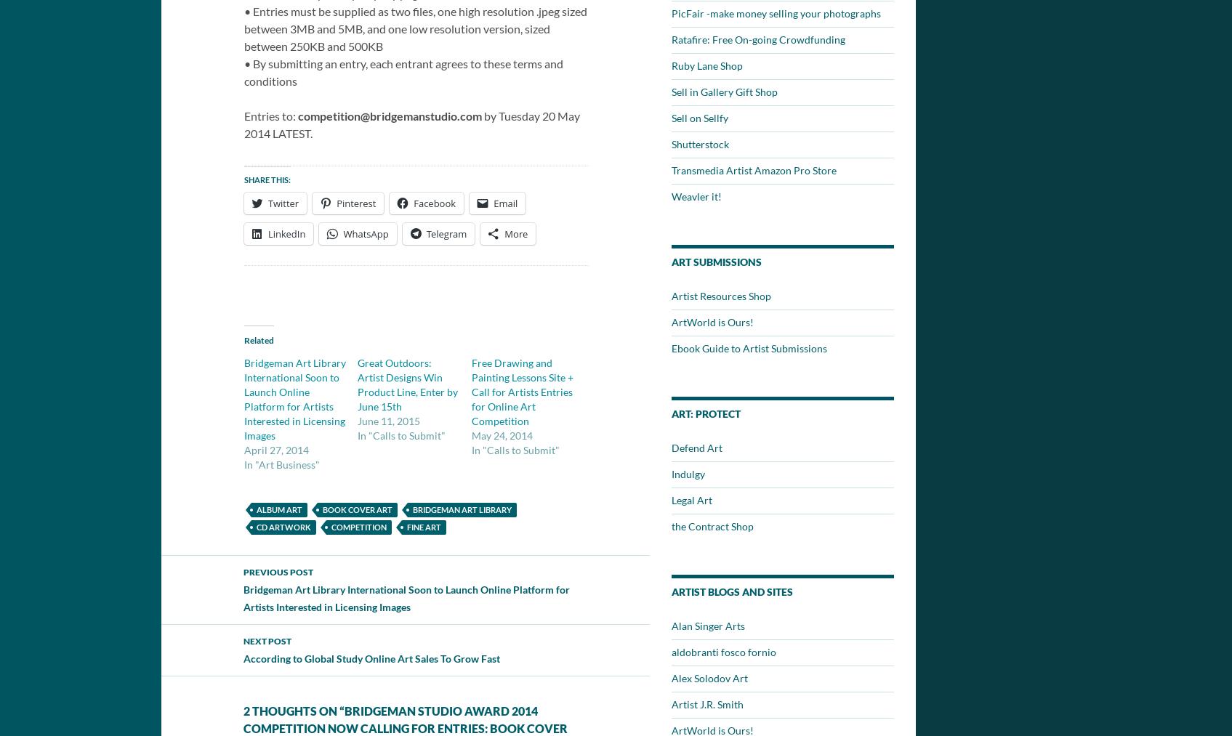 The width and height of the screenshot is (1232, 736). What do you see at coordinates (671, 295) in the screenshot?
I see `'Artist Resources Shop'` at bounding box center [671, 295].